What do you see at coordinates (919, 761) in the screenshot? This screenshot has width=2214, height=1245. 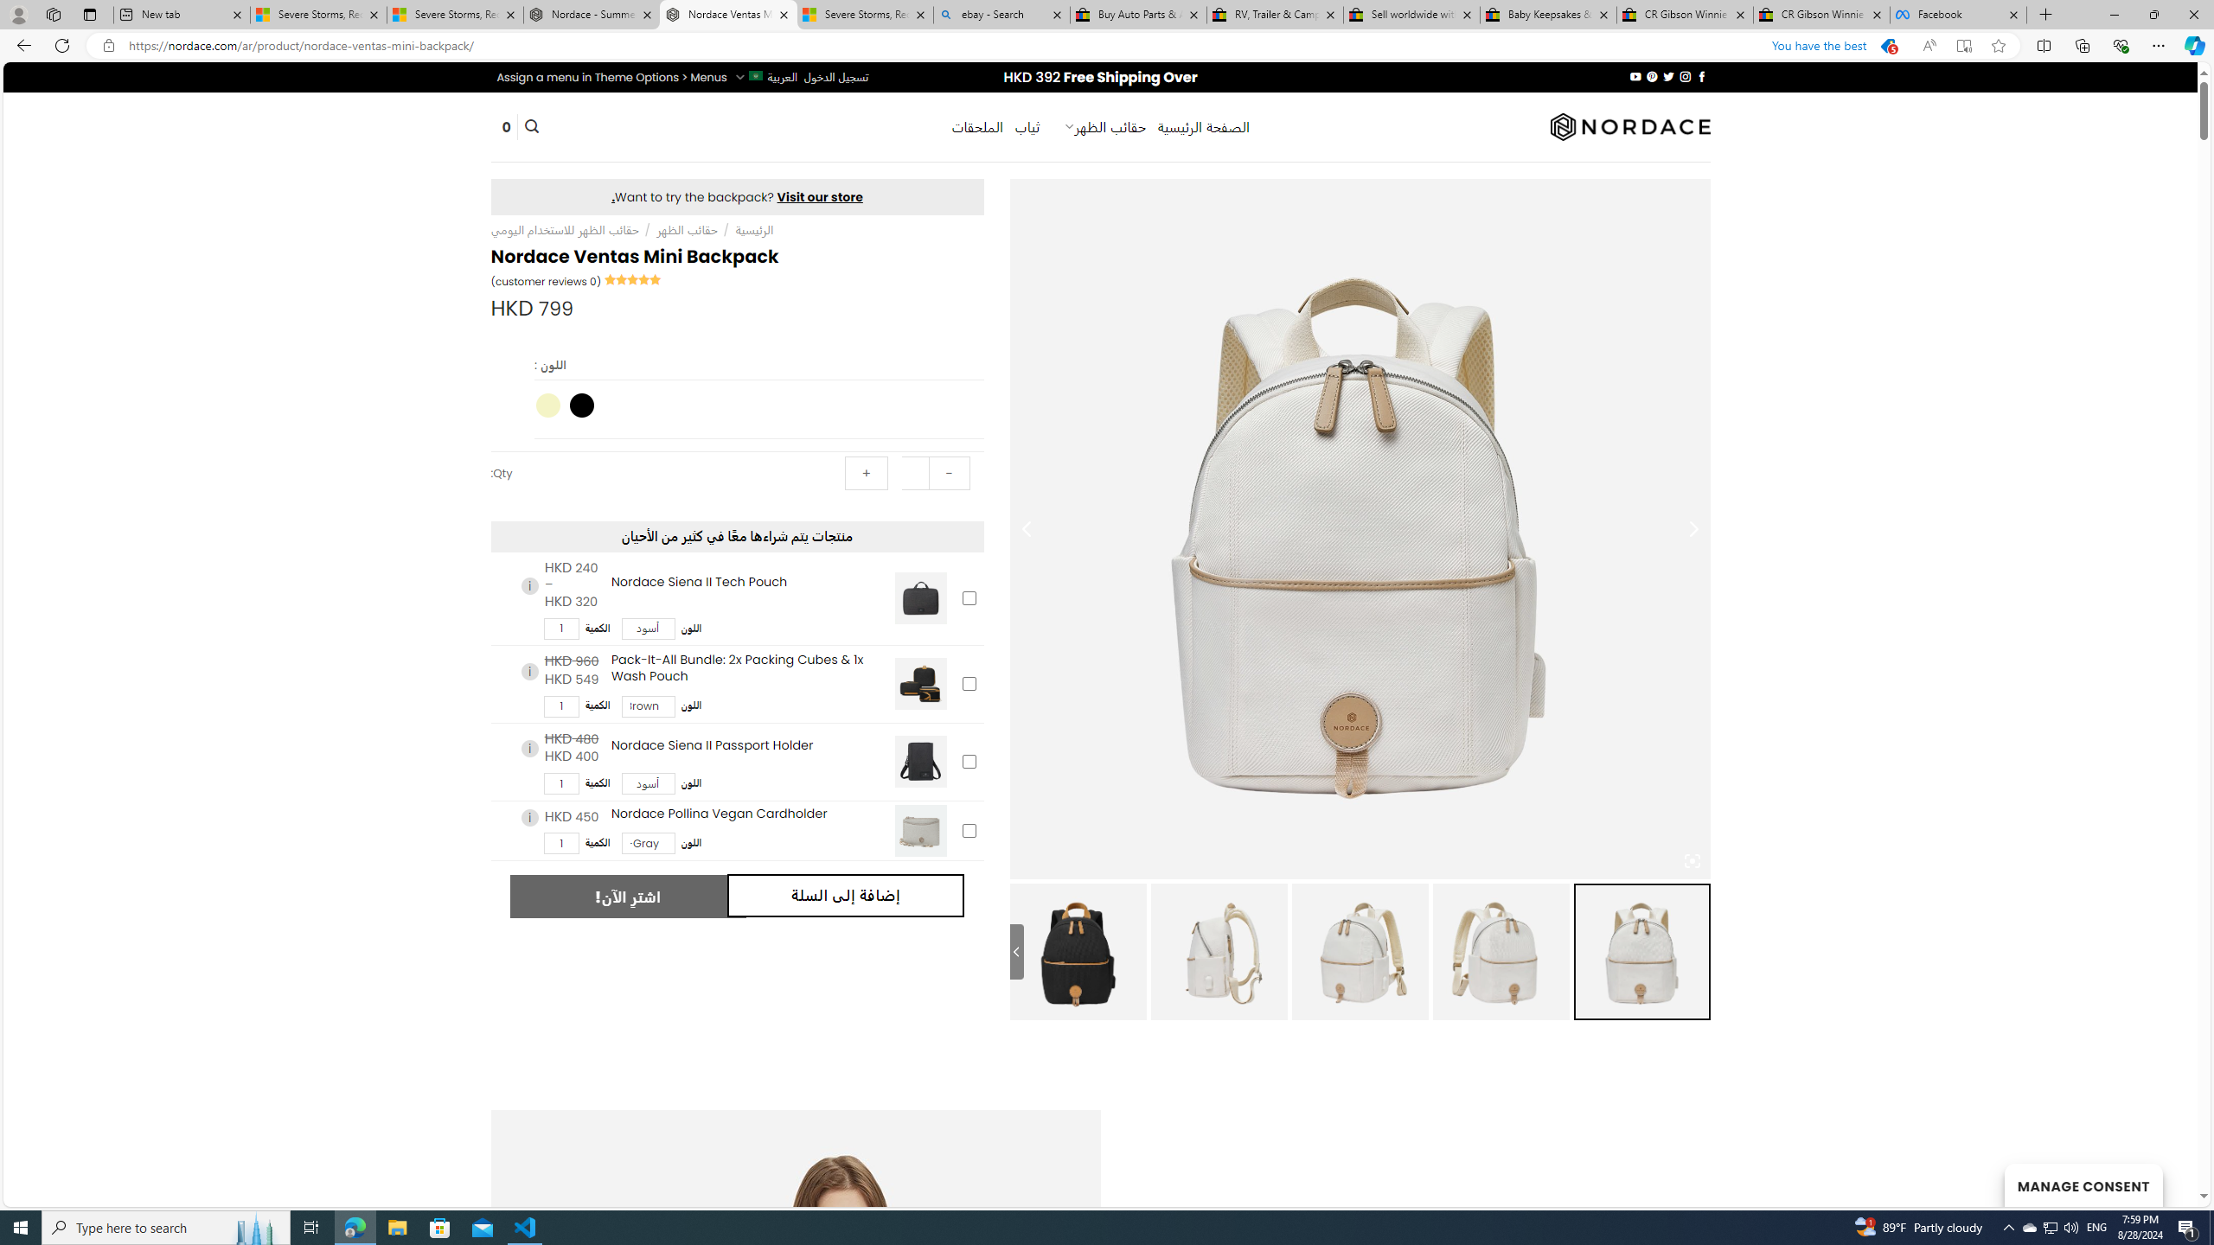 I see `'Nordace Siena II Passport Holder'` at bounding box center [919, 761].